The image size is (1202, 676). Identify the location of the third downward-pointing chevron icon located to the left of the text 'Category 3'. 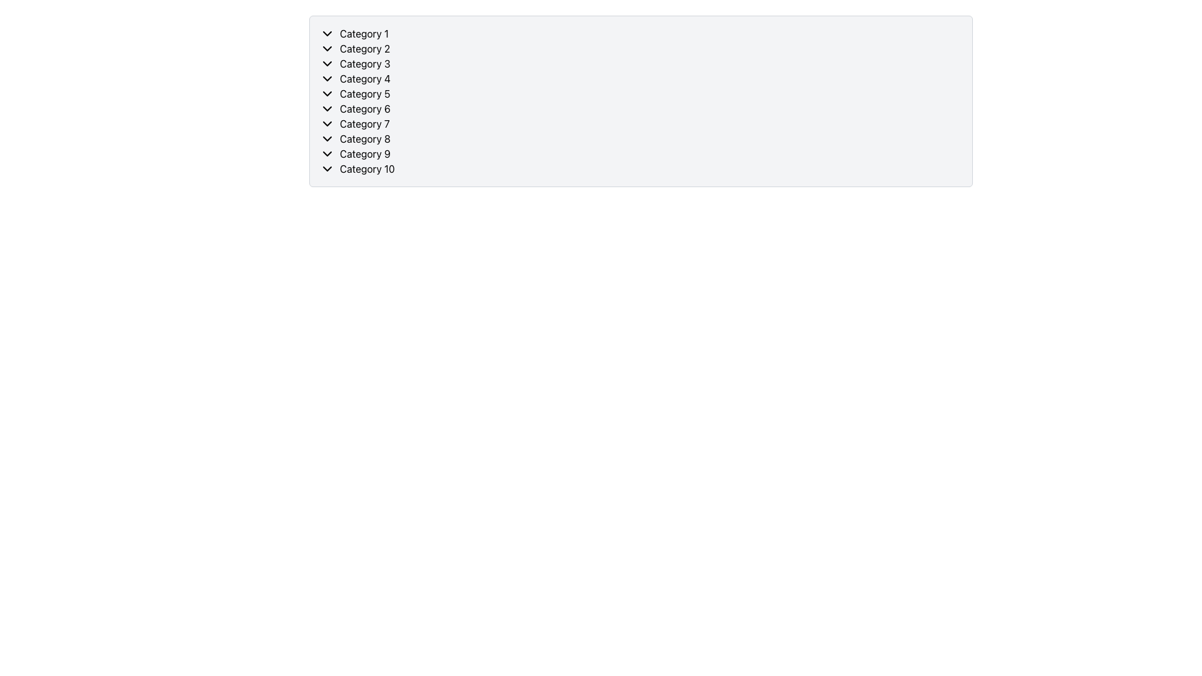
(327, 63).